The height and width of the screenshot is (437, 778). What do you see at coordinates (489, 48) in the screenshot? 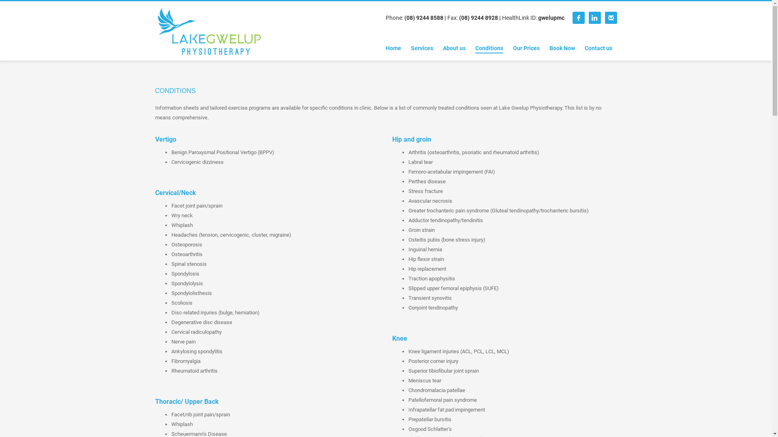
I see `'Conditions'` at bounding box center [489, 48].